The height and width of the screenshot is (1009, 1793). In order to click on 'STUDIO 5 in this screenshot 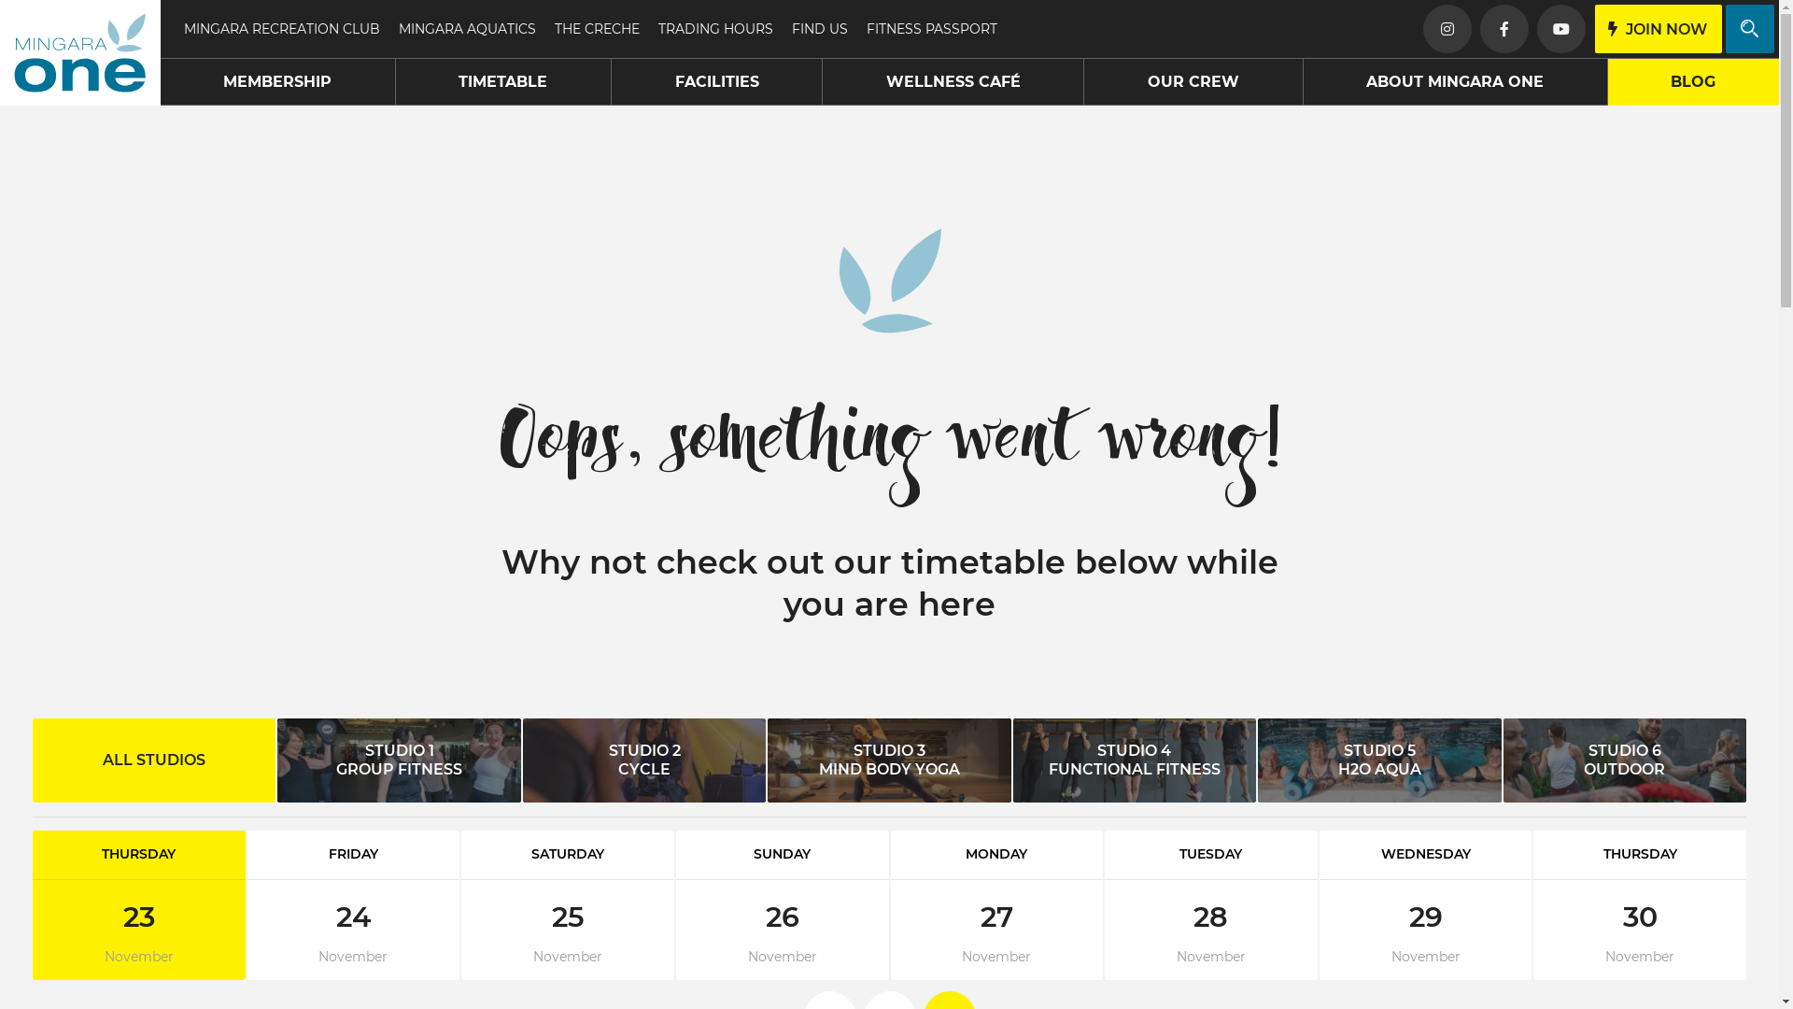, I will do `click(1258, 760)`.